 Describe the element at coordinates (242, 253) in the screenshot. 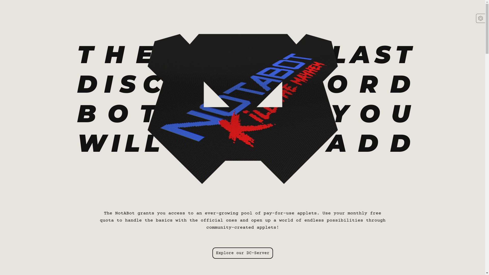

I see `'Explore our DC-Server'` at that location.